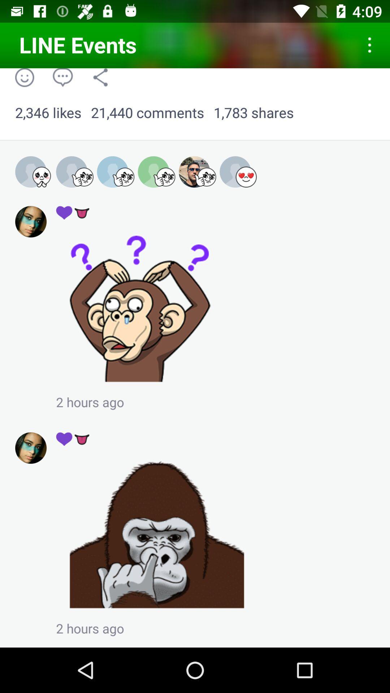  What do you see at coordinates (30, 448) in the screenshot?
I see `last contact icon in the end of the page` at bounding box center [30, 448].